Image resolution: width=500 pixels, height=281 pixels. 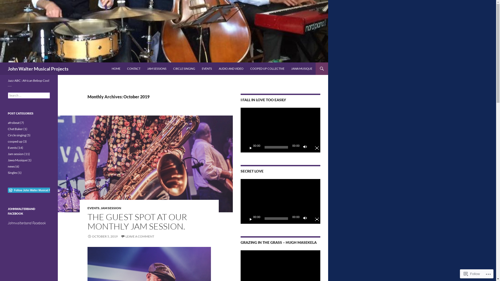 What do you see at coordinates (302, 68) in the screenshot?
I see `'JAWA MUSIQUE'` at bounding box center [302, 68].